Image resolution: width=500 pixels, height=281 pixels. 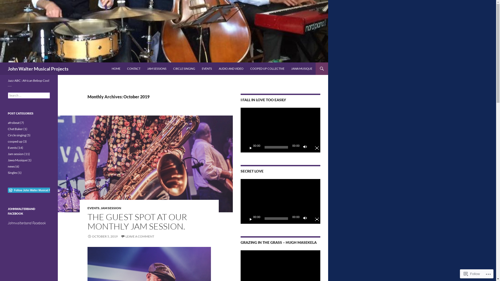 What do you see at coordinates (302, 68) in the screenshot?
I see `'JAWA MUSIQUE'` at bounding box center [302, 68].